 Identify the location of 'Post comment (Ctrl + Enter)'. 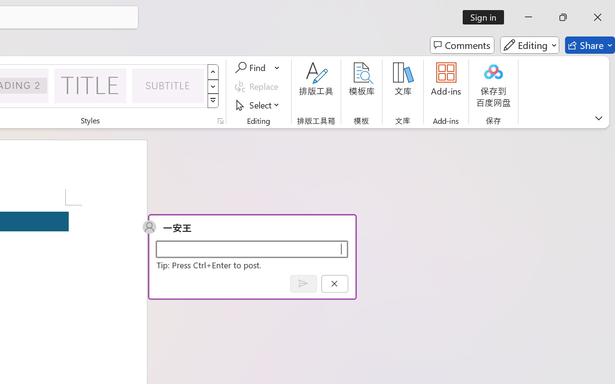
(303, 283).